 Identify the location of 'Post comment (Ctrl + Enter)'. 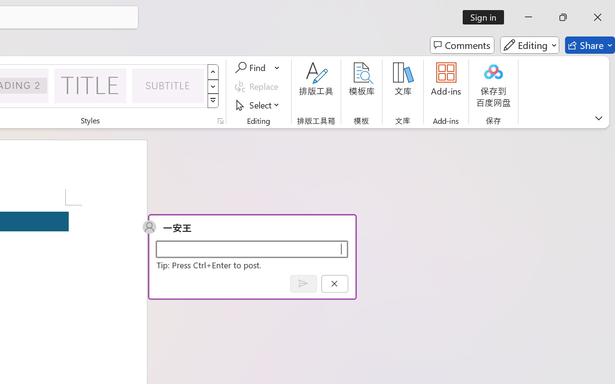
(303, 283).